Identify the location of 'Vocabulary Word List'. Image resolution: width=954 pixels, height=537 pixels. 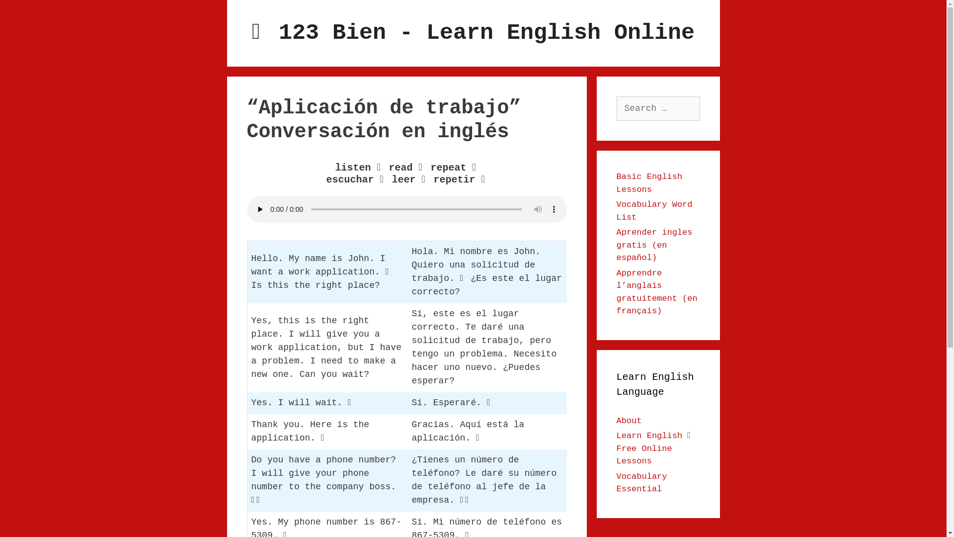
(654, 210).